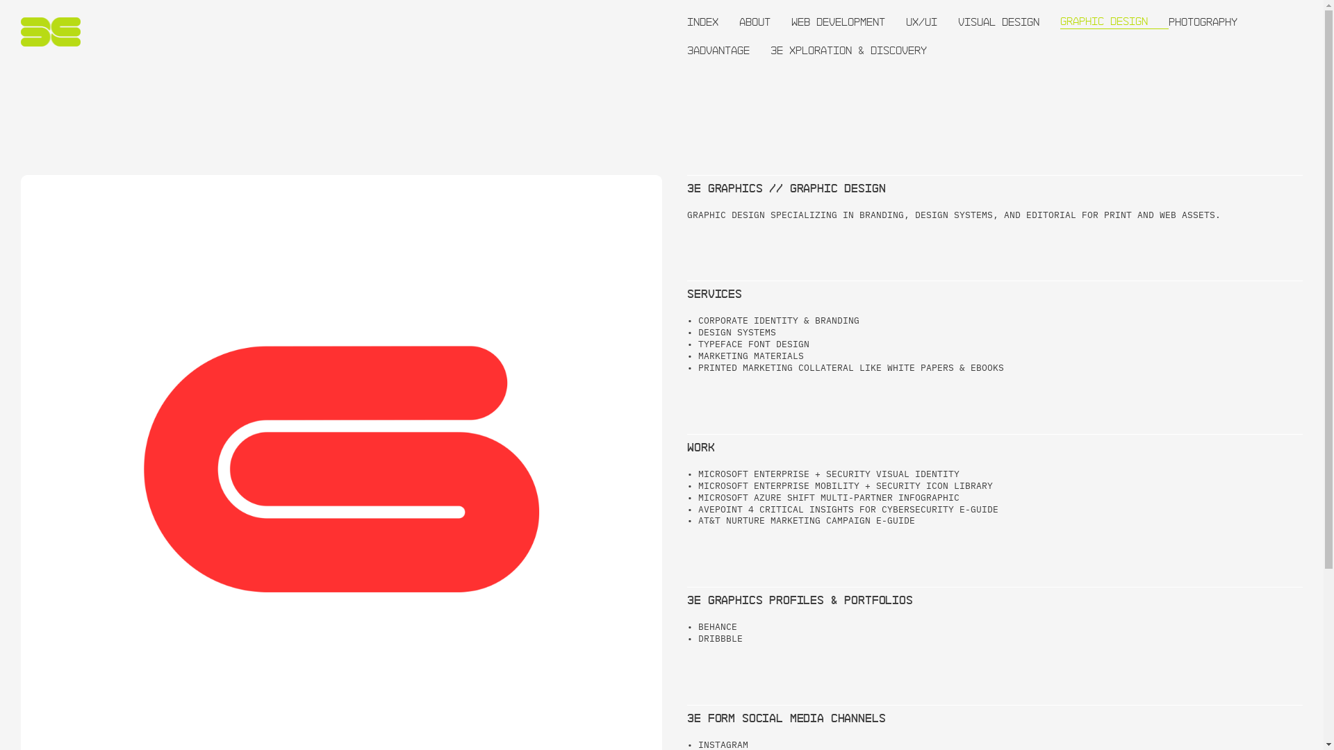  I want to click on 'ABOUT', so click(764, 14).